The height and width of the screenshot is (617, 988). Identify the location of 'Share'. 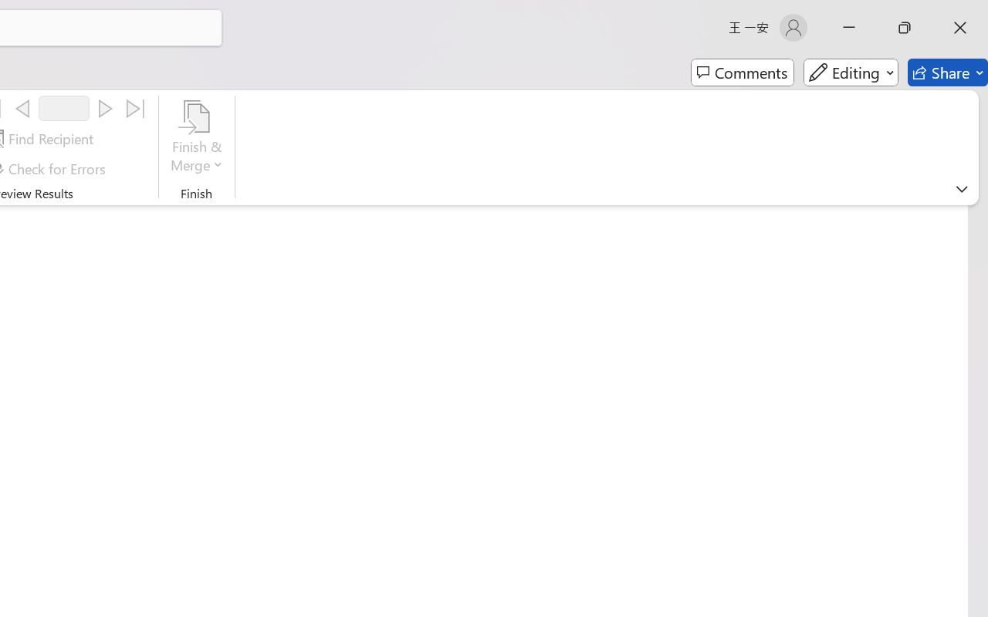
(947, 72).